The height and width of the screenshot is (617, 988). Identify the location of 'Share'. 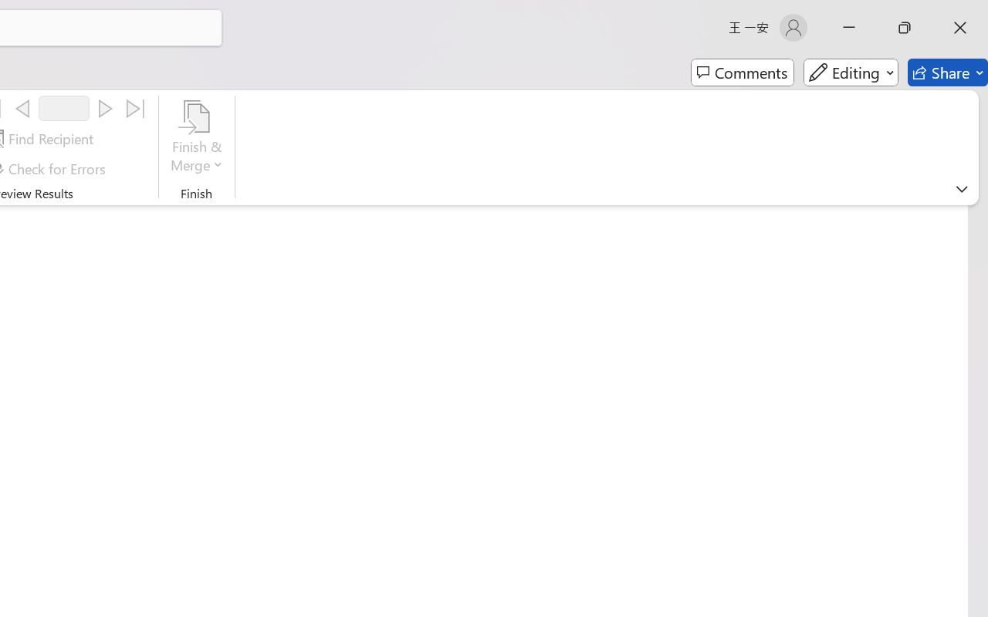
(947, 72).